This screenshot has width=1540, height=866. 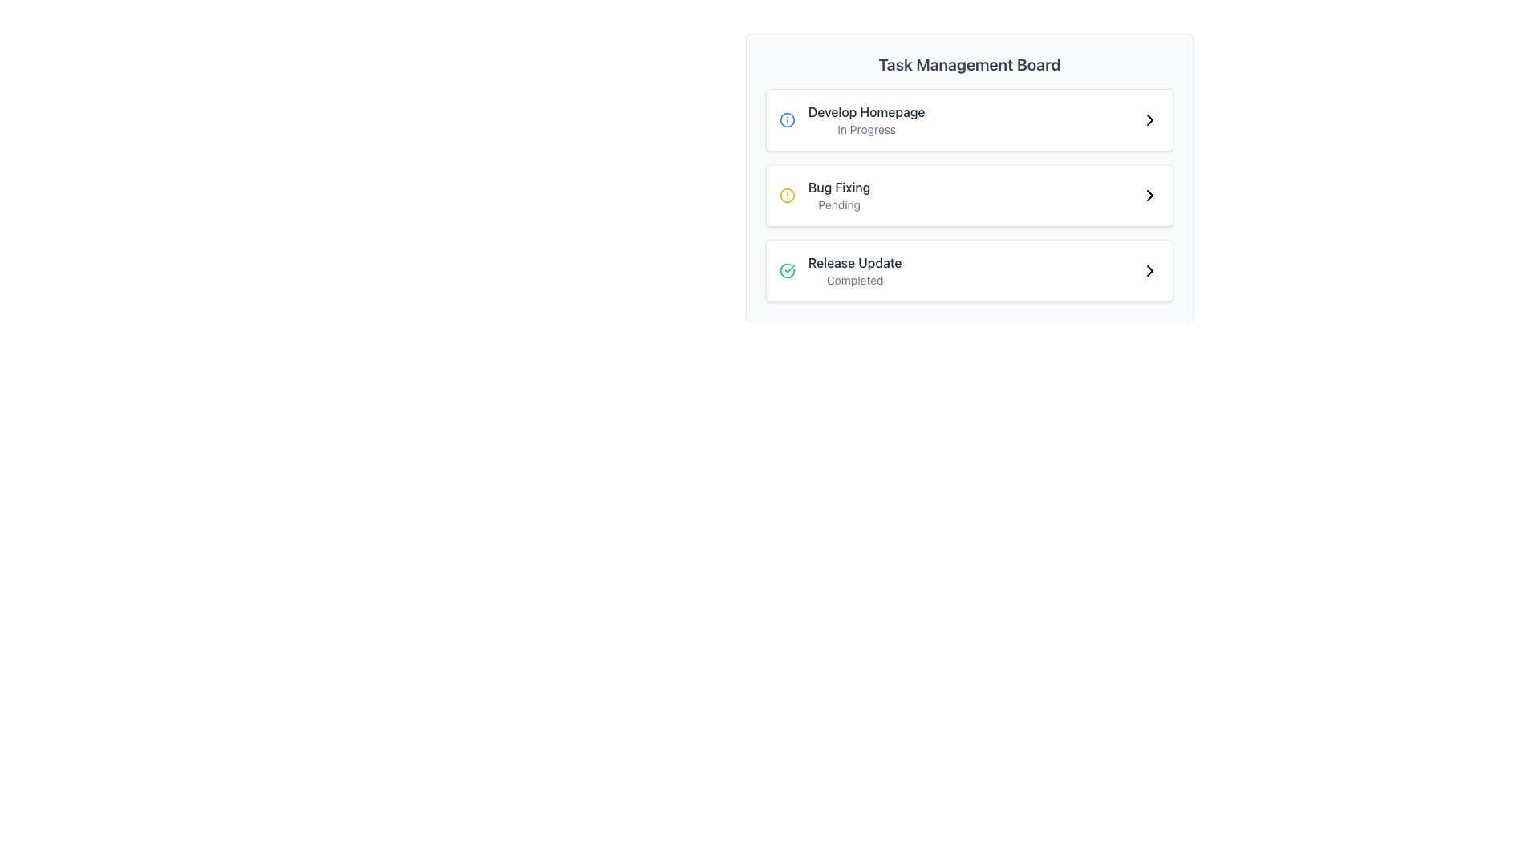 What do you see at coordinates (969, 178) in the screenshot?
I see `the task card labeled 'Bug Fixing'` at bounding box center [969, 178].